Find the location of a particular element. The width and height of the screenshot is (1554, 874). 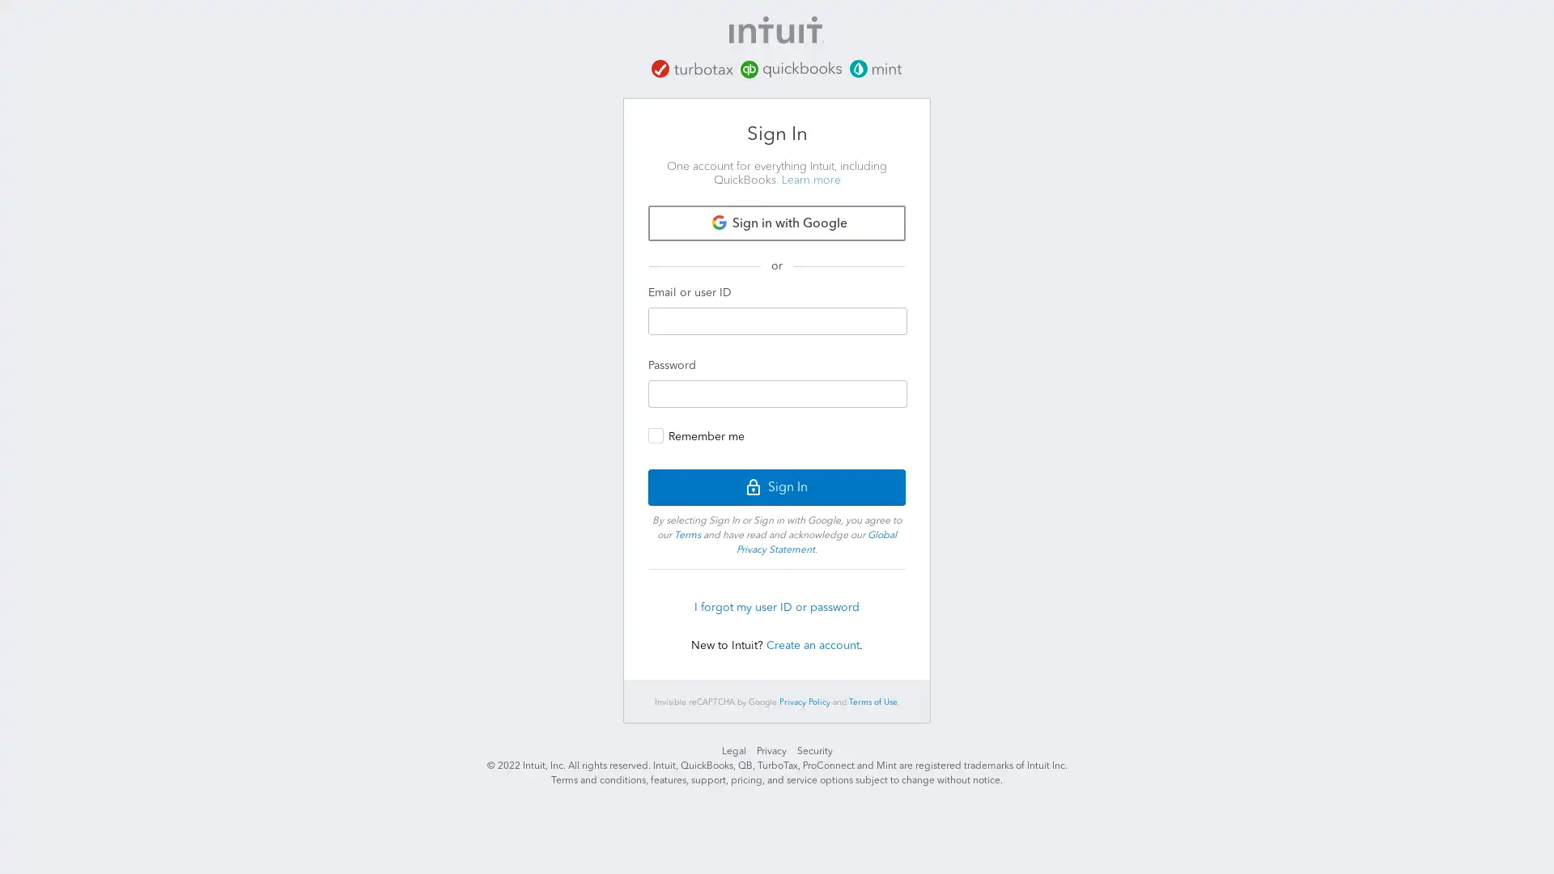

Sign In is located at coordinates (777, 486).